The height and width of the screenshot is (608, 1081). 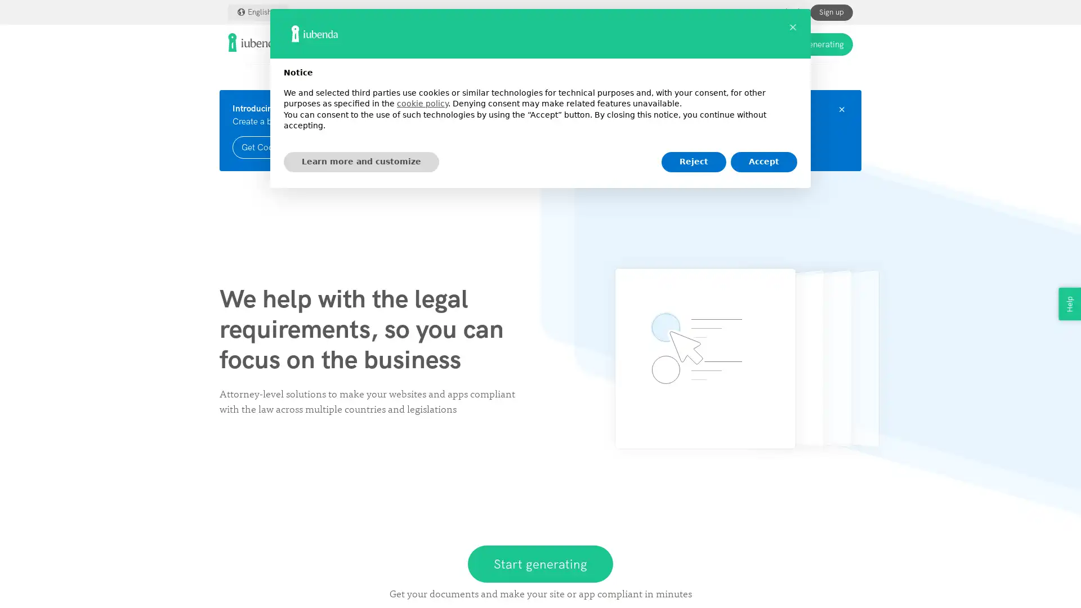 What do you see at coordinates (361, 161) in the screenshot?
I see `Learn more and customize` at bounding box center [361, 161].